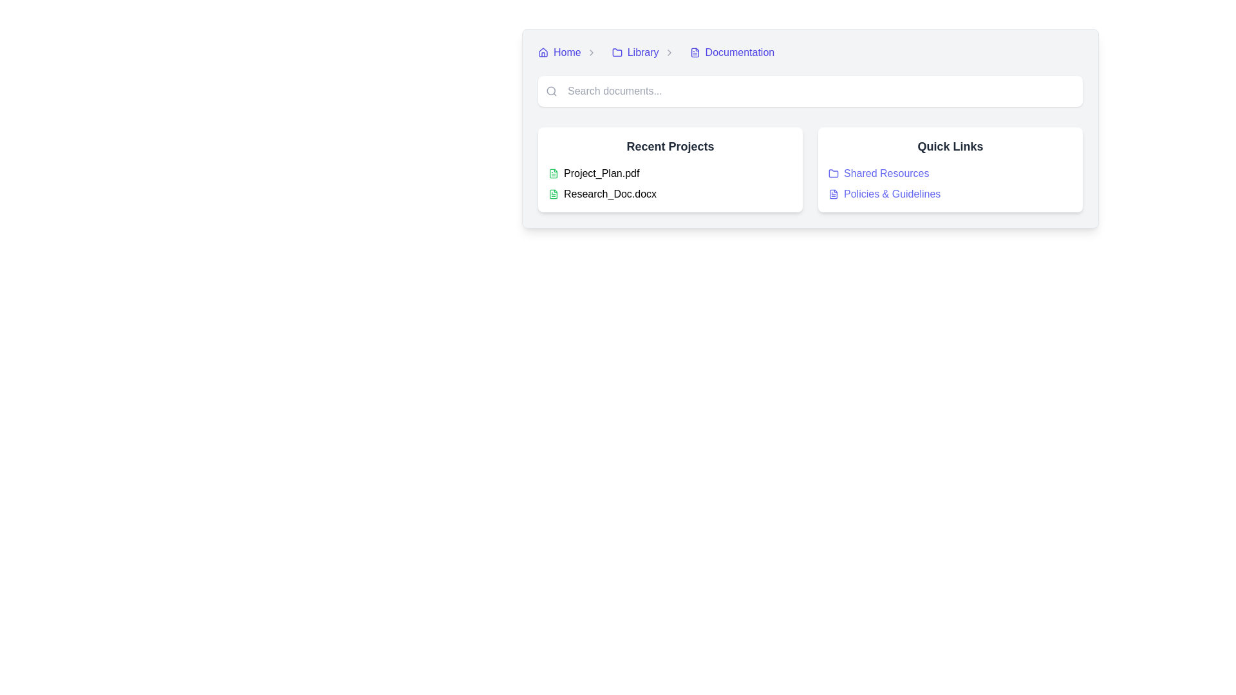 Image resolution: width=1236 pixels, height=695 pixels. I want to click on the house icon with a black outline, located in the horizontal navigation bar next to the underlined 'Home' text, so click(543, 51).